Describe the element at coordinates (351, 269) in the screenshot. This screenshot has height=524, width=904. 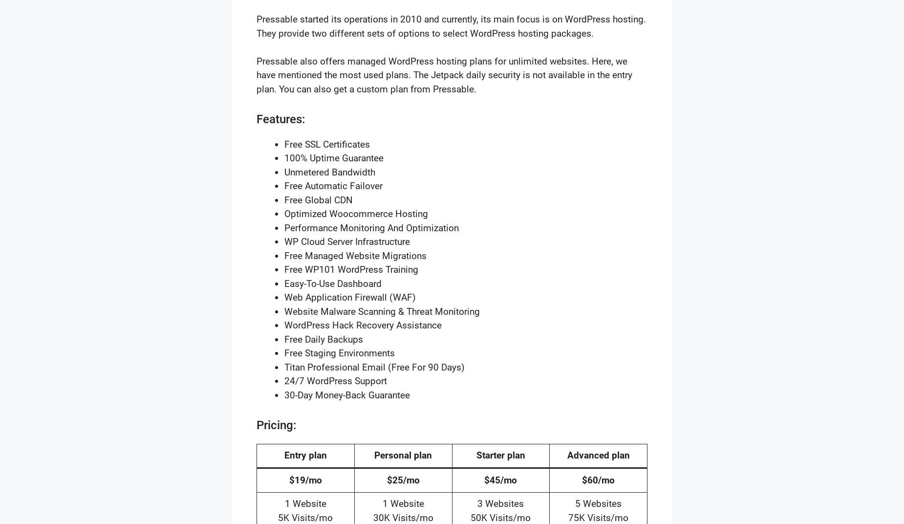
I see `'Free WP101 WordPress Training'` at that location.